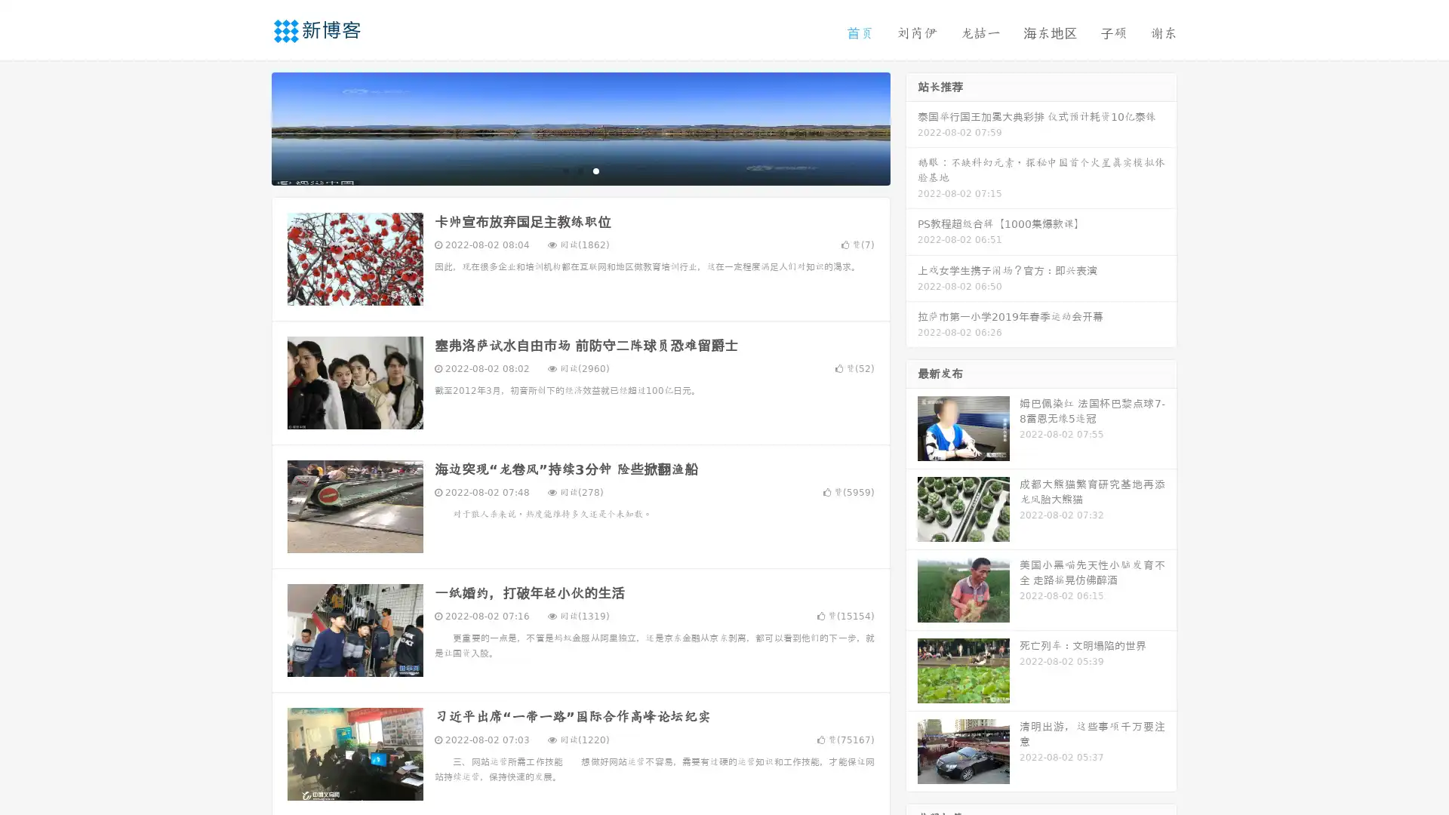 The image size is (1449, 815). Describe the element at coordinates (912, 127) in the screenshot. I see `Next slide` at that location.